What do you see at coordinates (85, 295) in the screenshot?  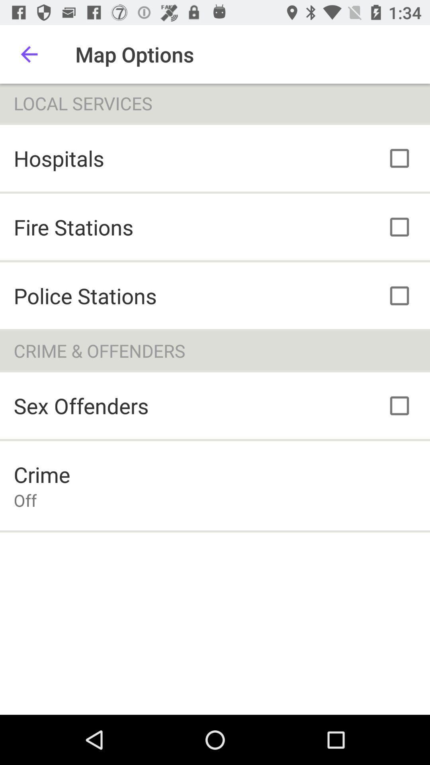 I see `the icon above crime & offenders item` at bounding box center [85, 295].